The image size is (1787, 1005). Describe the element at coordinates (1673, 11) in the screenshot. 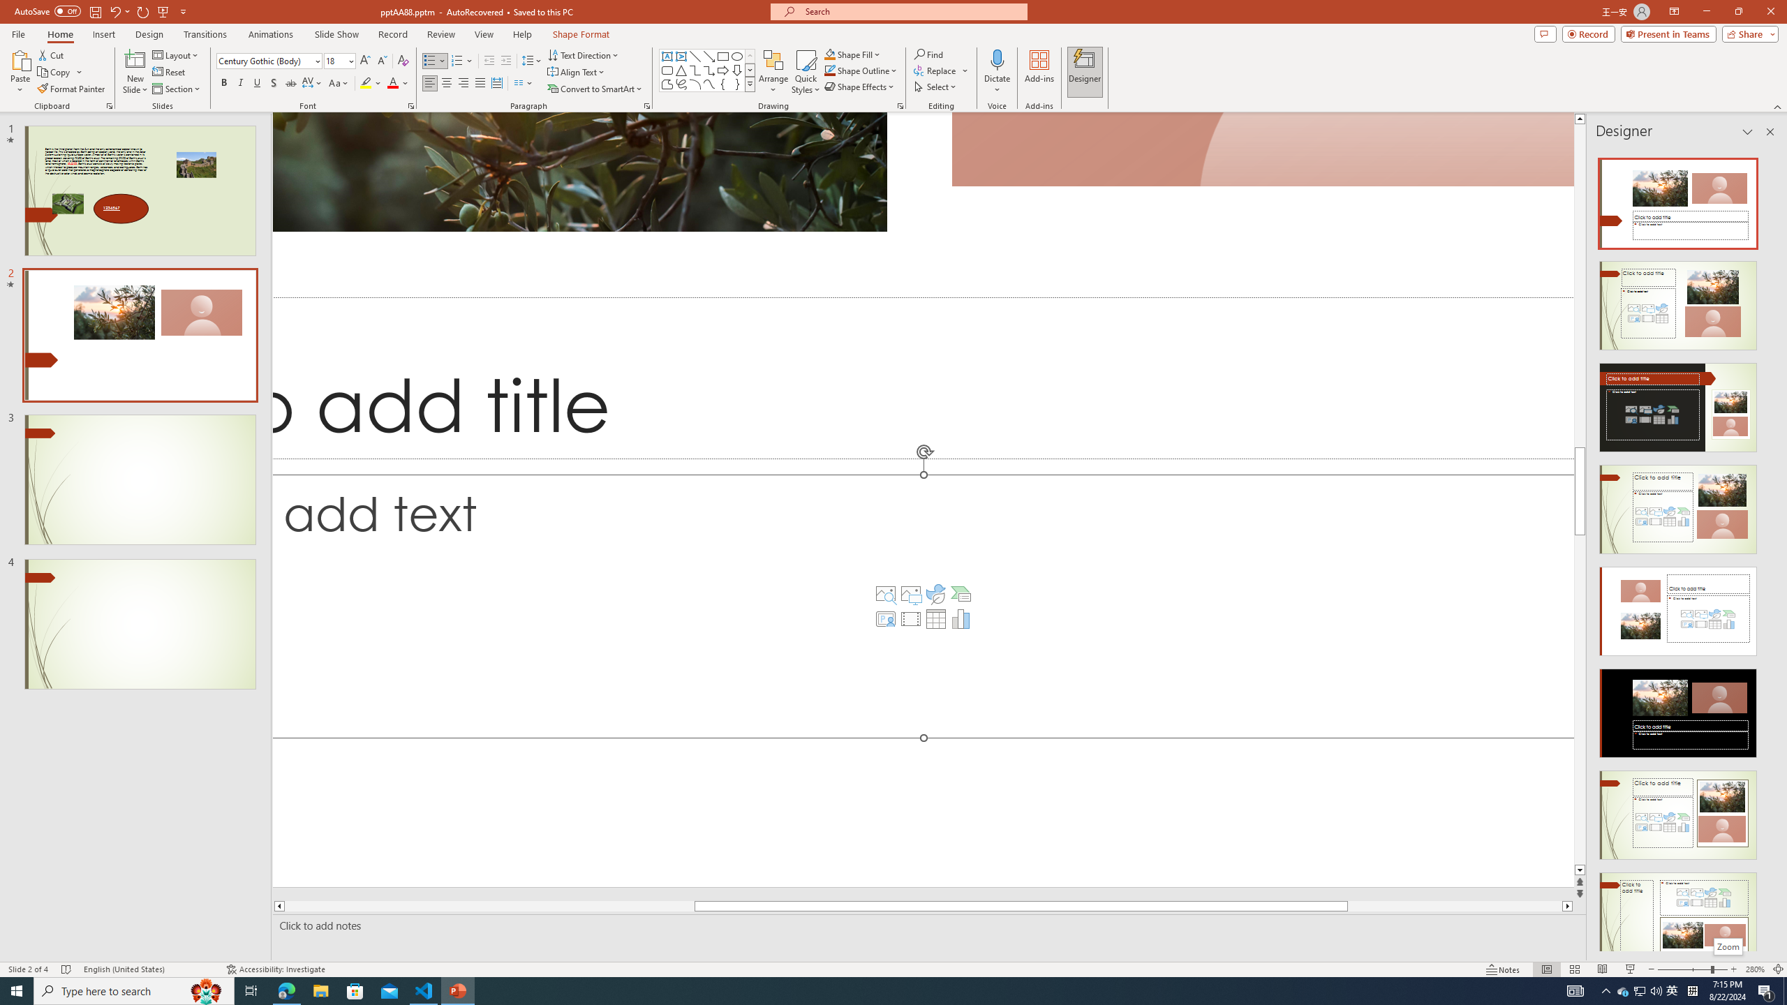

I see `'Ribbon Display Options'` at that location.